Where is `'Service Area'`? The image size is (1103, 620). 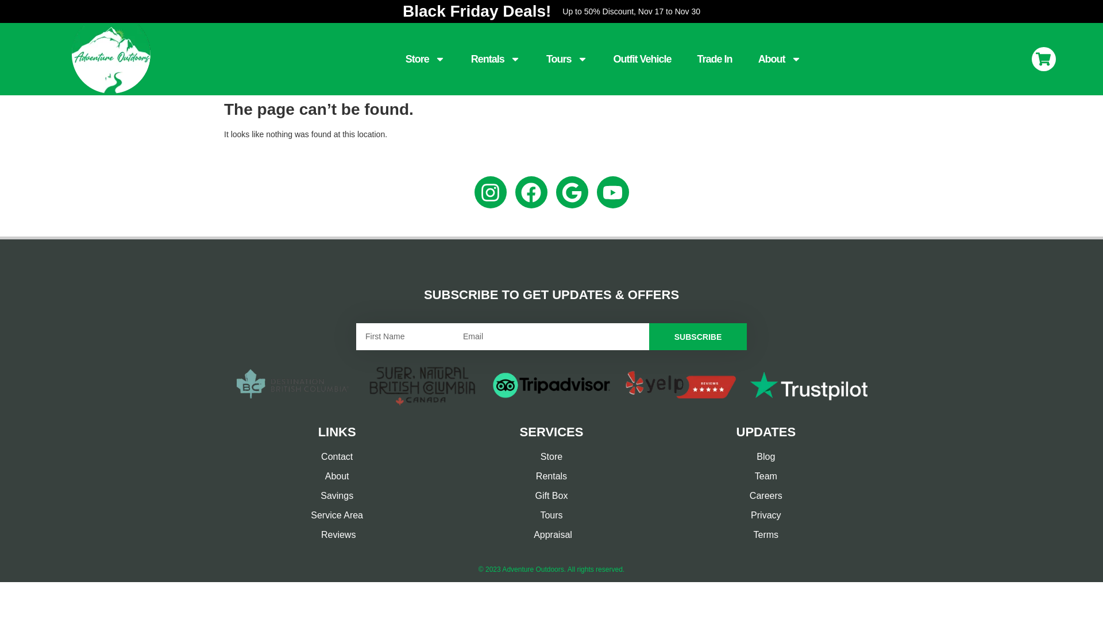
'Service Area' is located at coordinates (336, 515).